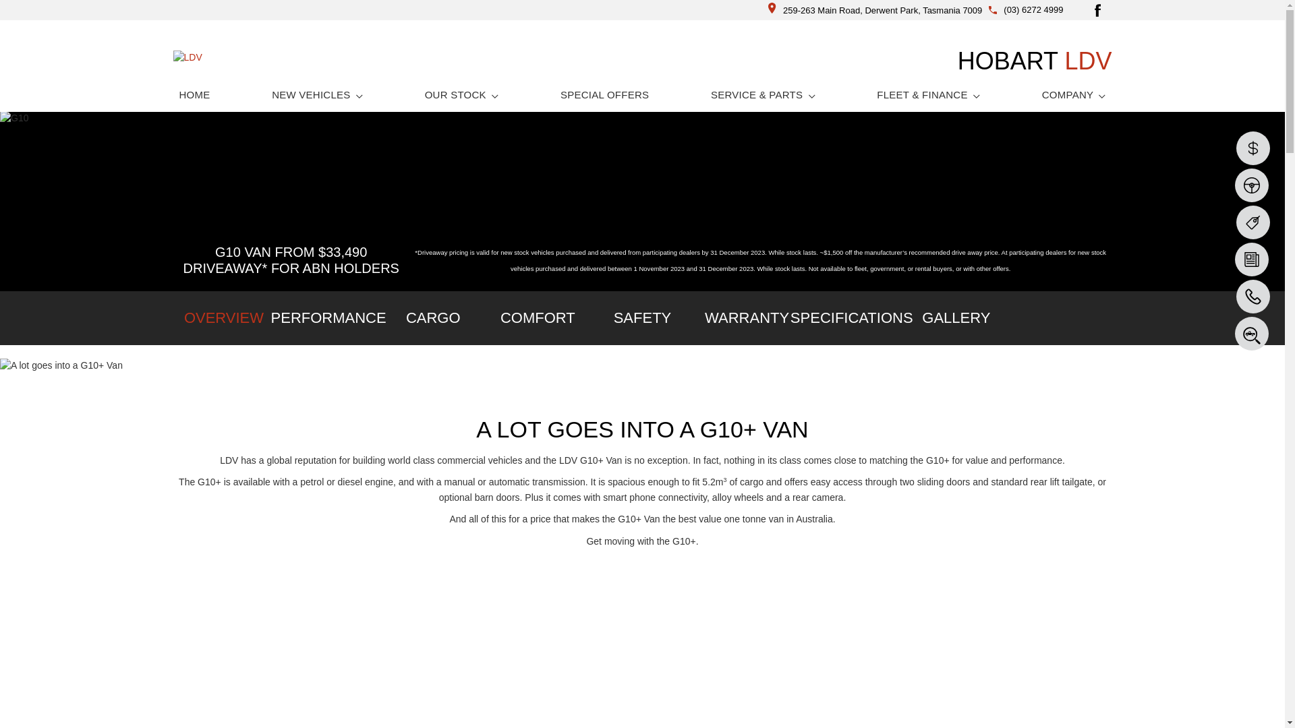 The image size is (1295, 728). I want to click on 'SPECIAL OFFERS', so click(604, 94).